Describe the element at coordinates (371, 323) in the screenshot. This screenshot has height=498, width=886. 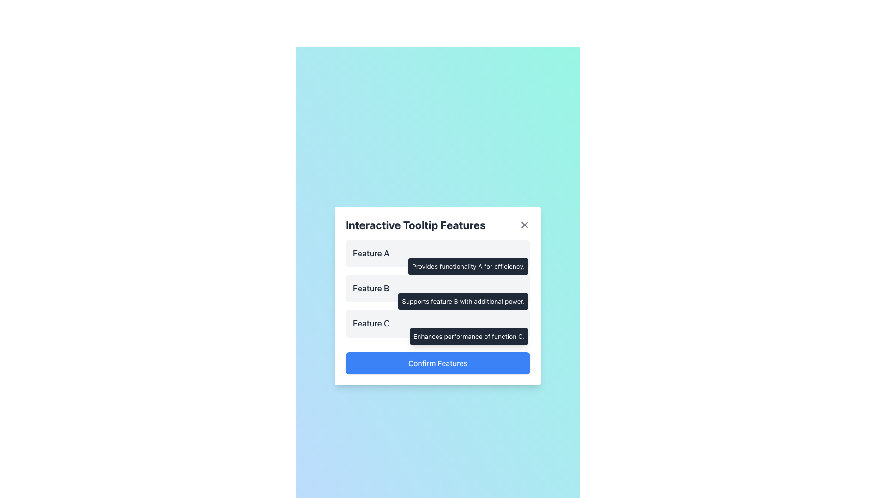
I see `the text label element displaying 'Feature C' within the 'Interactive Tooltip Features' panel` at that location.